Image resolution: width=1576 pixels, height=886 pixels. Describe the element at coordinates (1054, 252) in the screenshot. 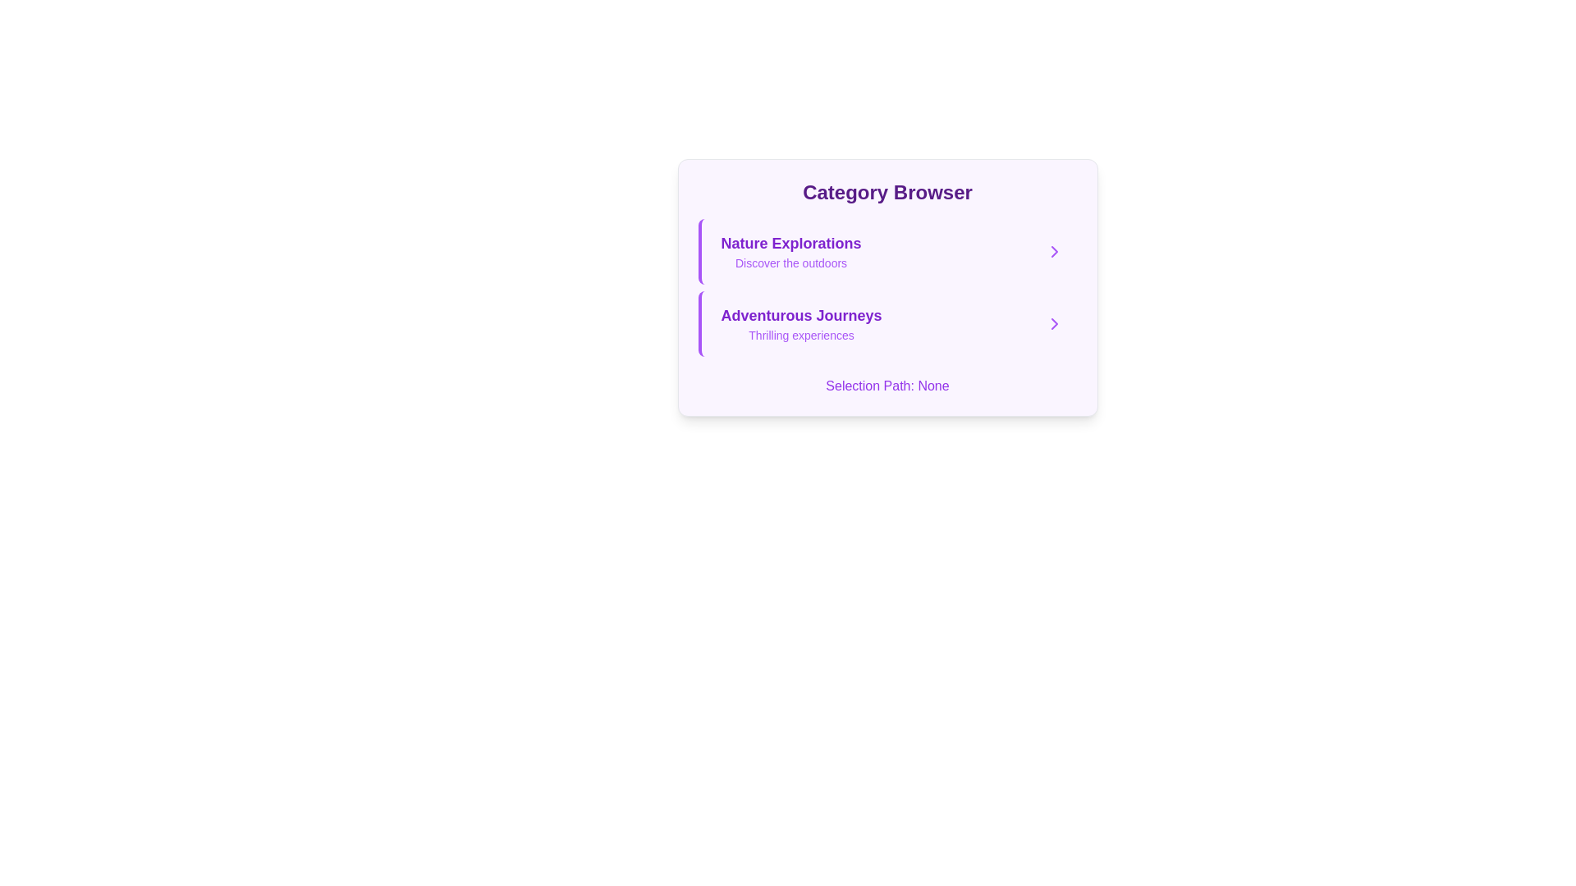

I see `the navigation icon located to the right of the text content in the 'Adventurous Journeys' card within the 'Category Browser' section` at that location.